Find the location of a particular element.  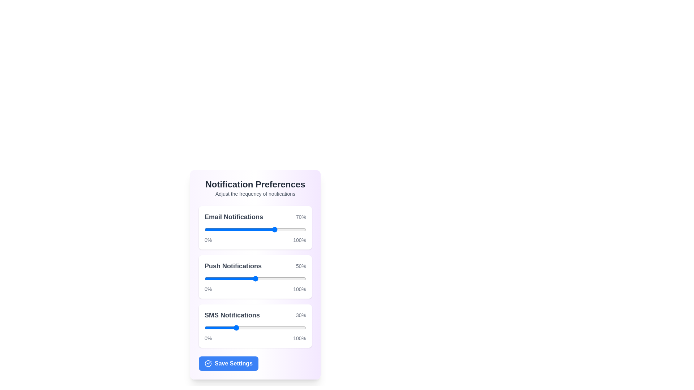

the descriptive subtitle text label for the 'Notification Preferences' section, which is positioned on the second line directly below the main header and centered in the card layout is located at coordinates (255, 193).